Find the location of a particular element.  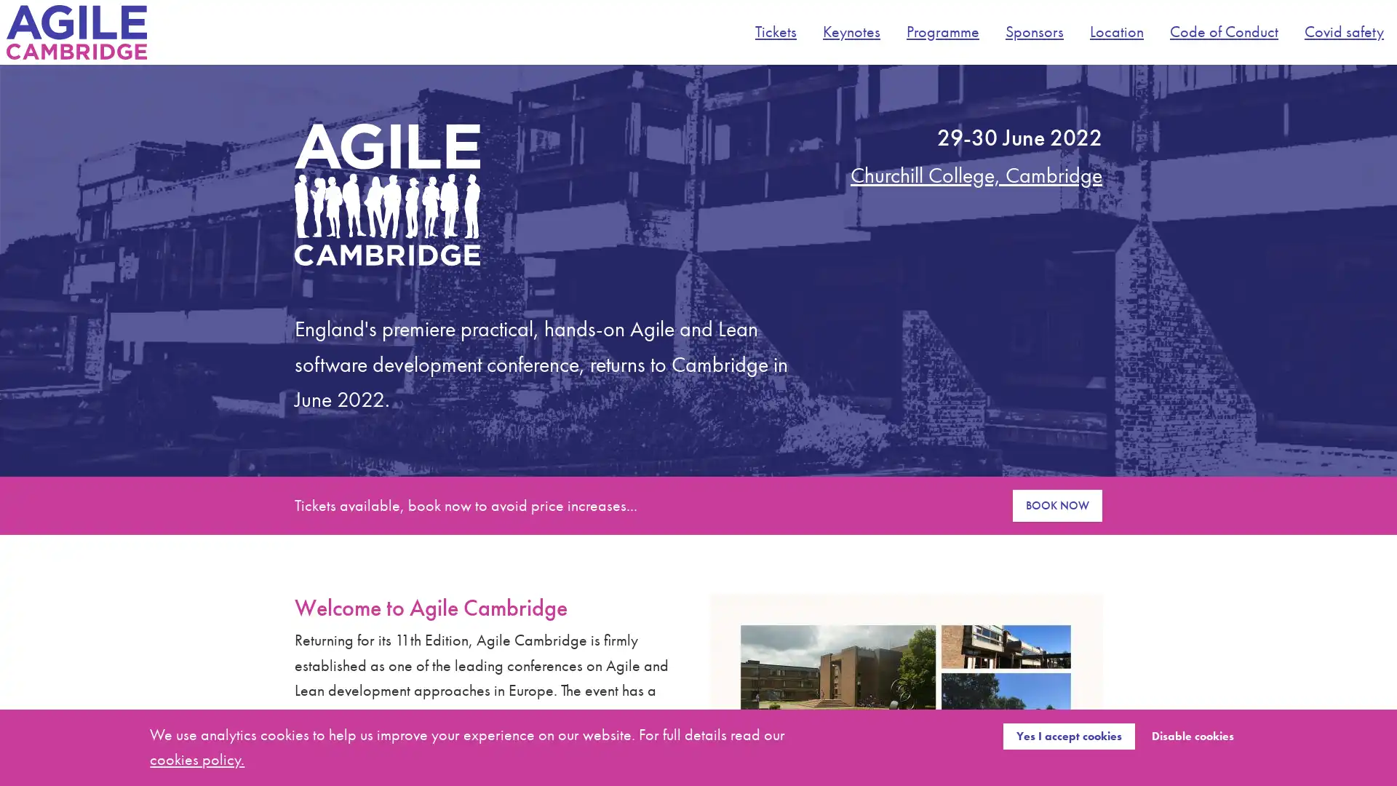

Yes I accept cookies is located at coordinates (1068, 735).